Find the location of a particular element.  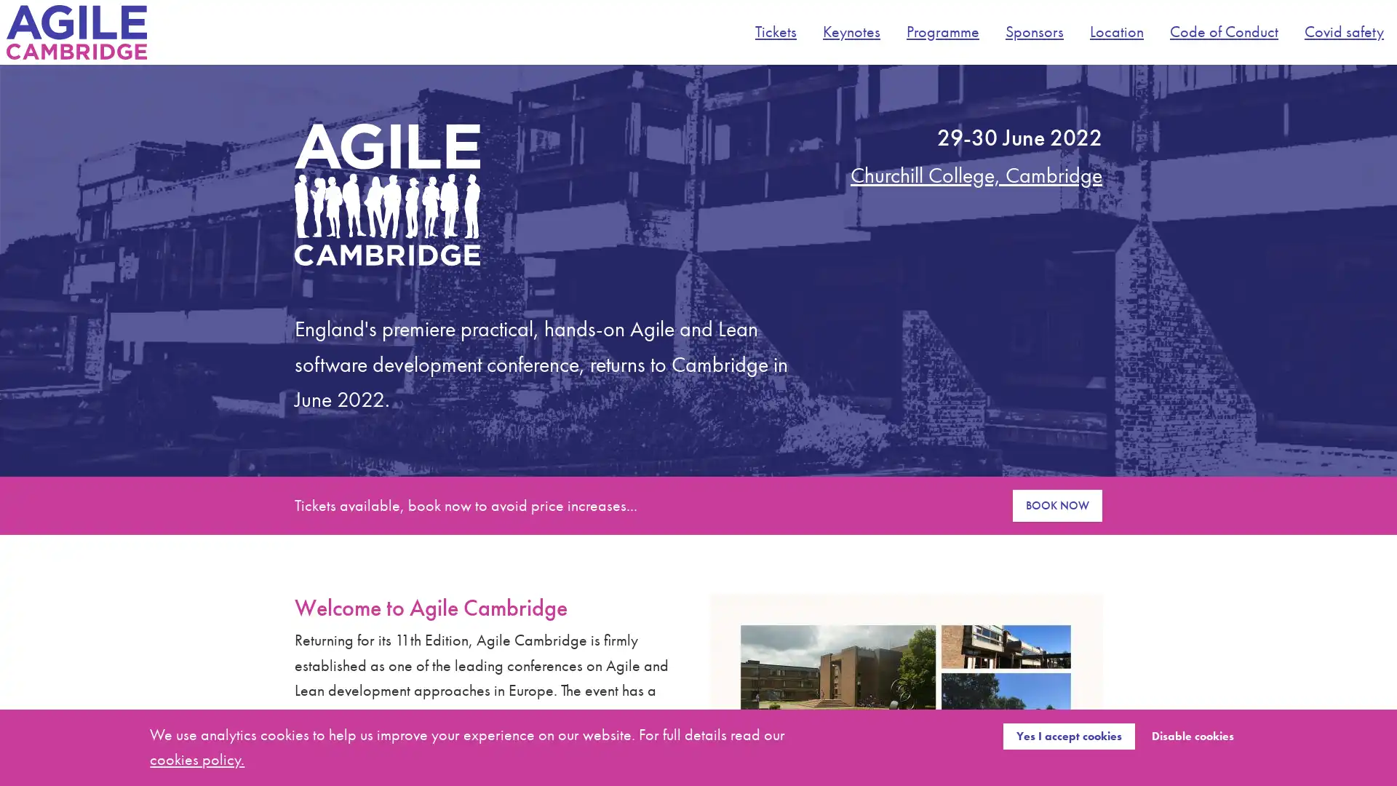

Yes I accept cookies is located at coordinates (1068, 735).